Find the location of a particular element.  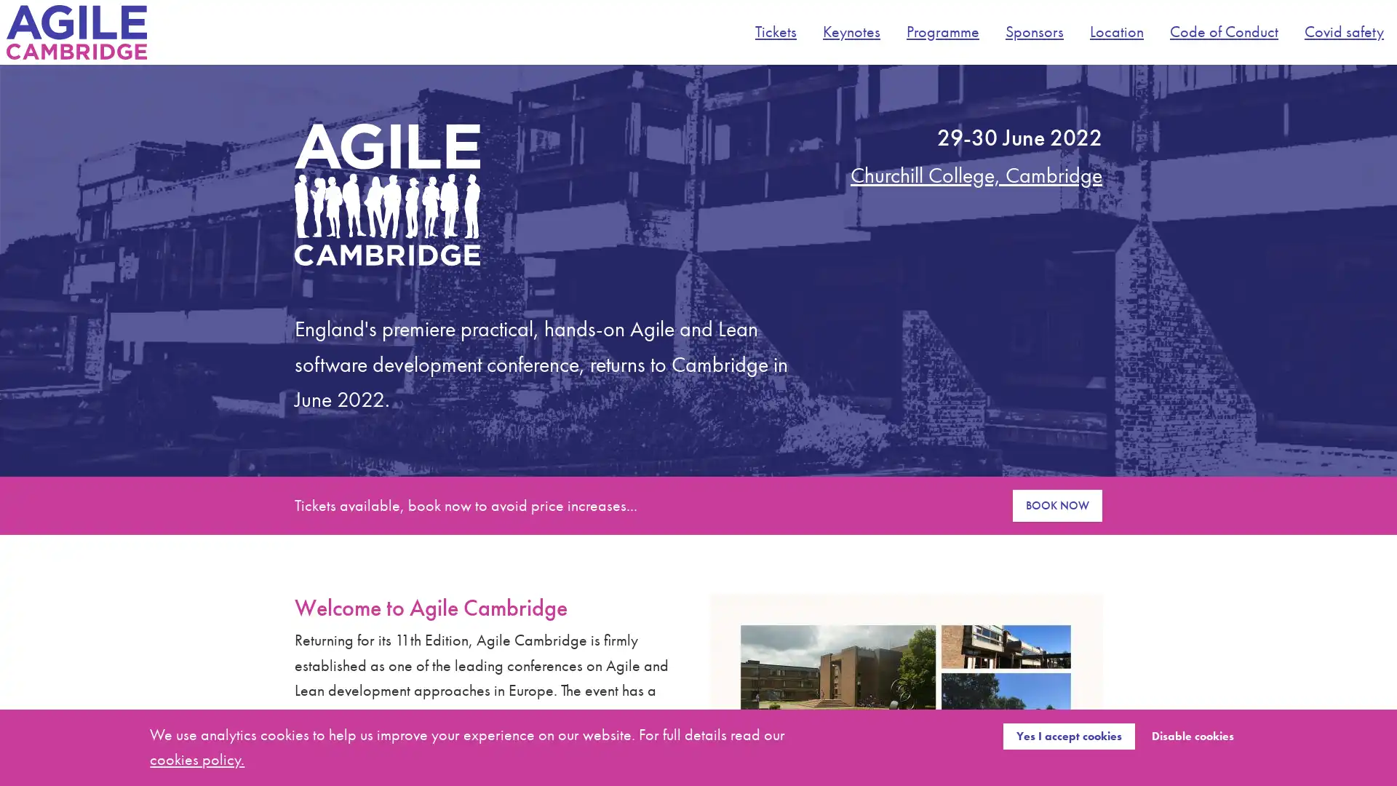

Yes I accept cookies is located at coordinates (1068, 735).